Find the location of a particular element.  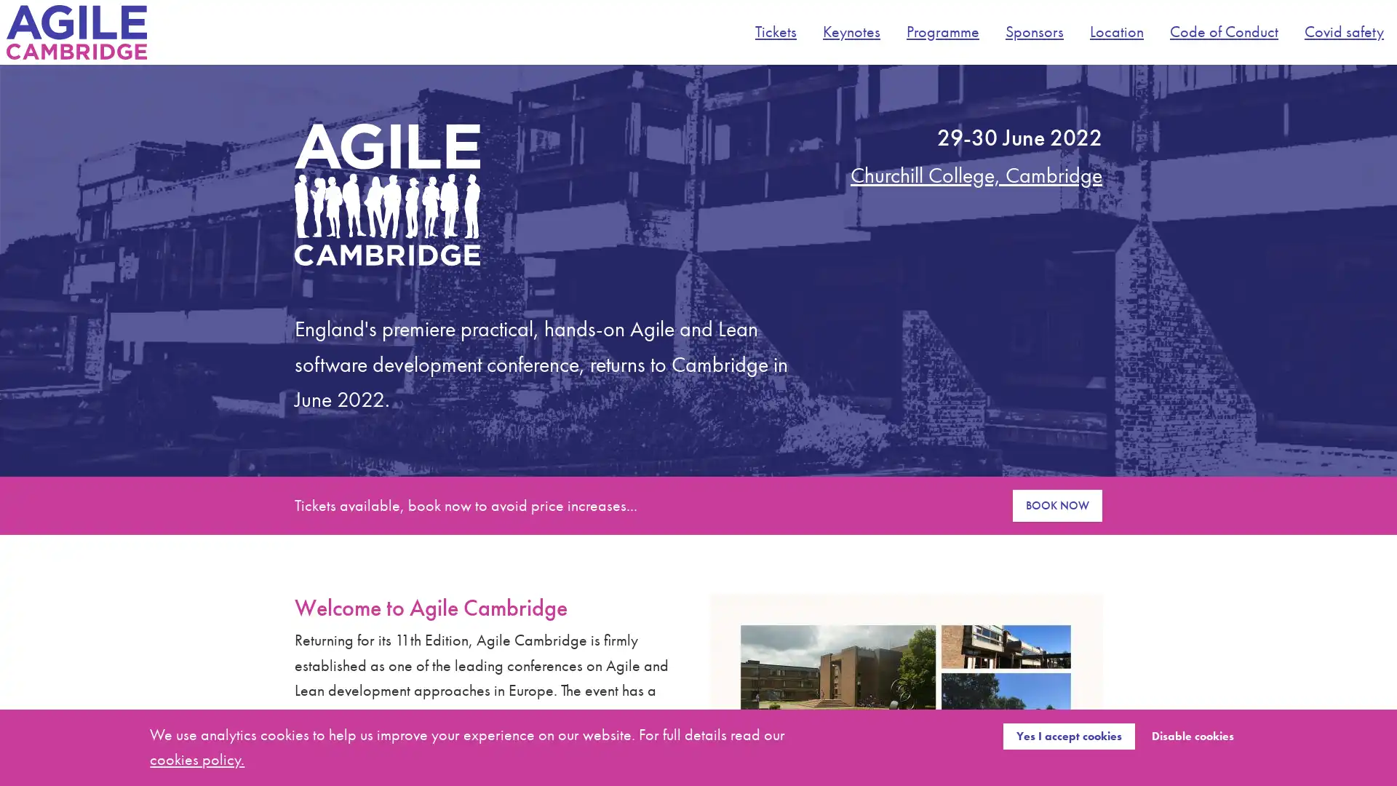

Yes I accept cookies is located at coordinates (1068, 735).